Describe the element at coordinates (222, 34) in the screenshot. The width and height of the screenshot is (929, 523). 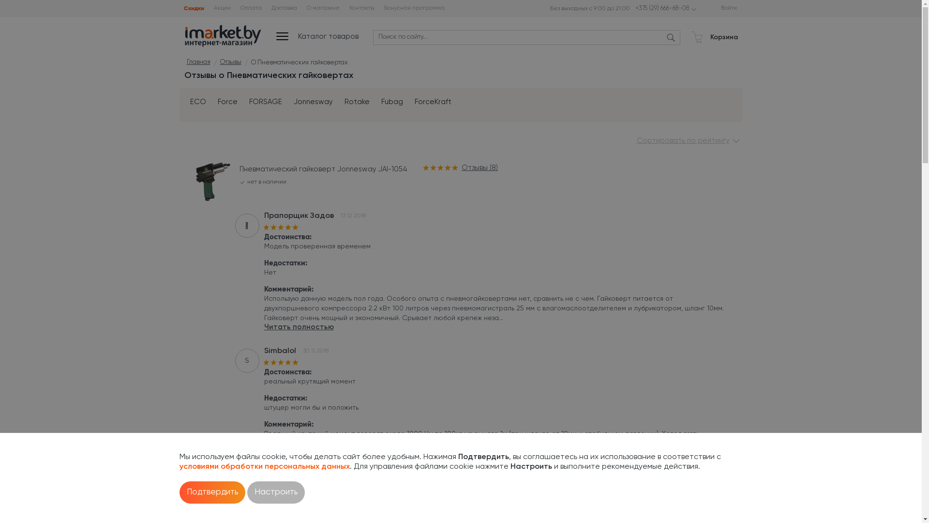
I see `'Imarket.by'` at that location.